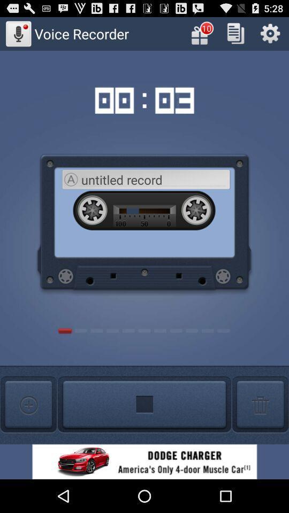 This screenshot has width=289, height=513. Describe the element at coordinates (270, 33) in the screenshot. I see `open settings` at that location.